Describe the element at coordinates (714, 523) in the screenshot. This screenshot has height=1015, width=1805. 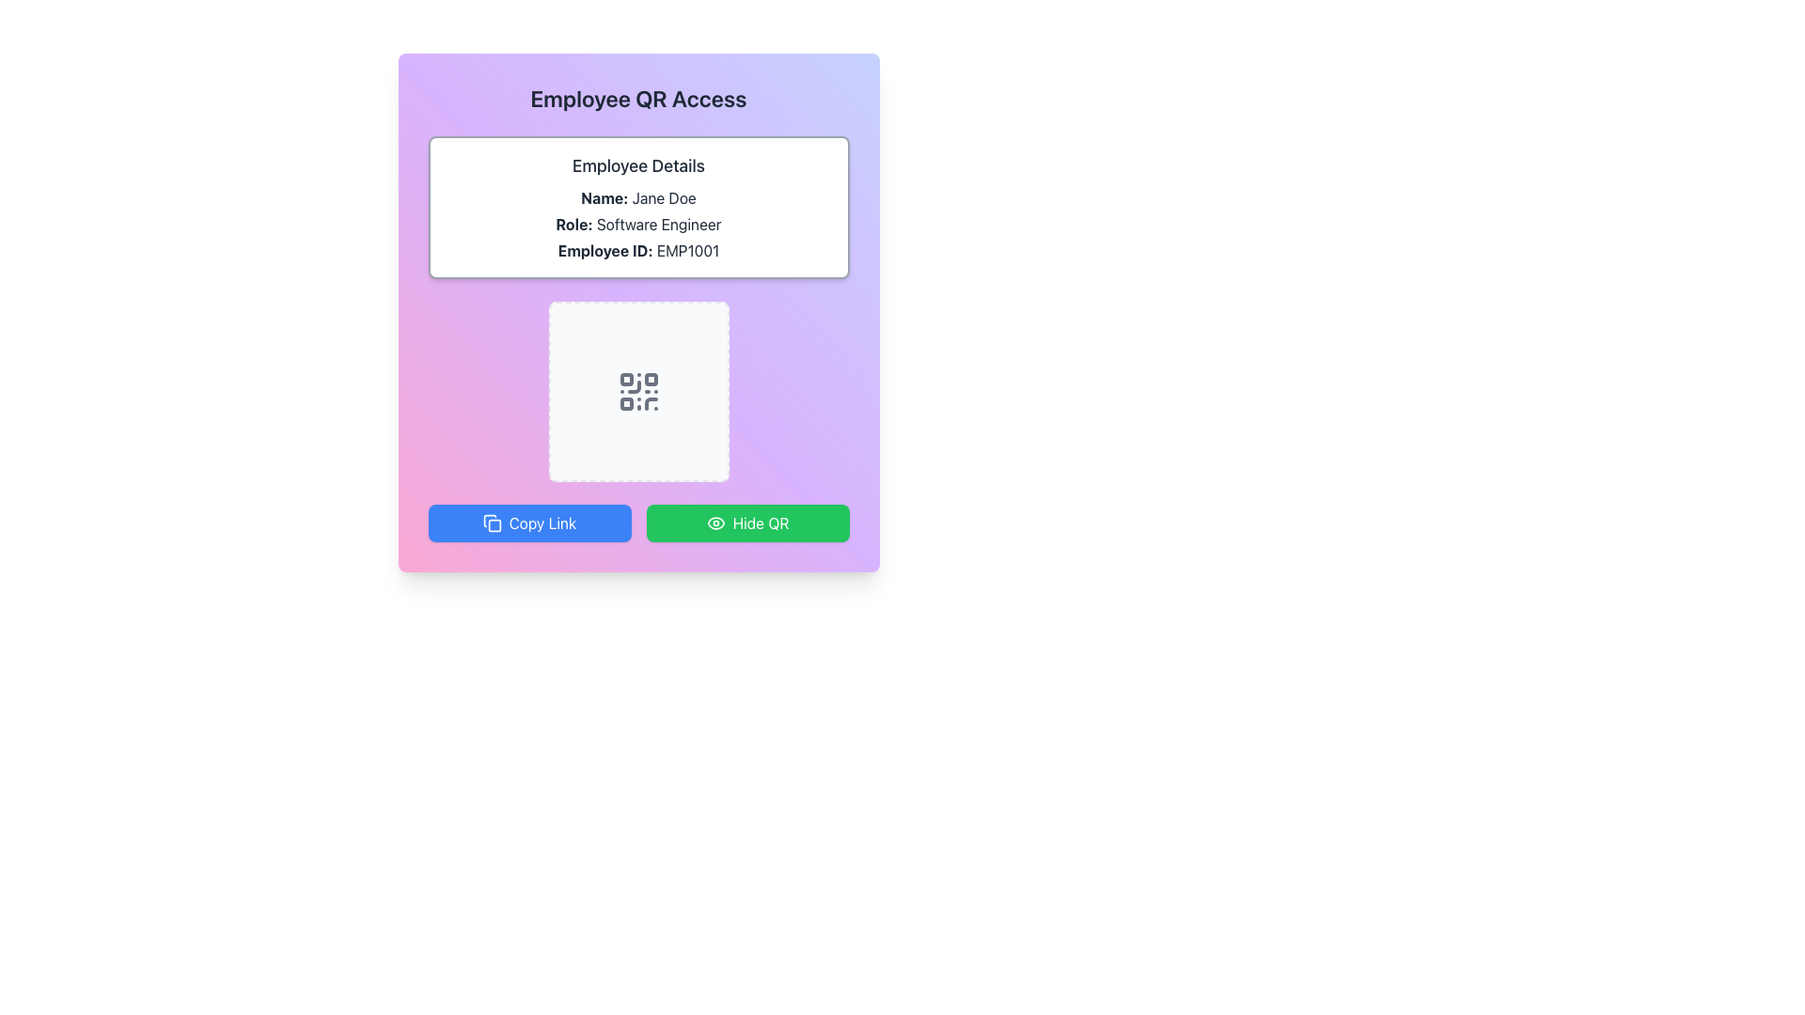
I see `the eye icon that symbolizes the visibility feature of the 'Hide QR' button, which is centrally aligned within the green rounded rectangle button at the bottom right corner of the interface` at that location.